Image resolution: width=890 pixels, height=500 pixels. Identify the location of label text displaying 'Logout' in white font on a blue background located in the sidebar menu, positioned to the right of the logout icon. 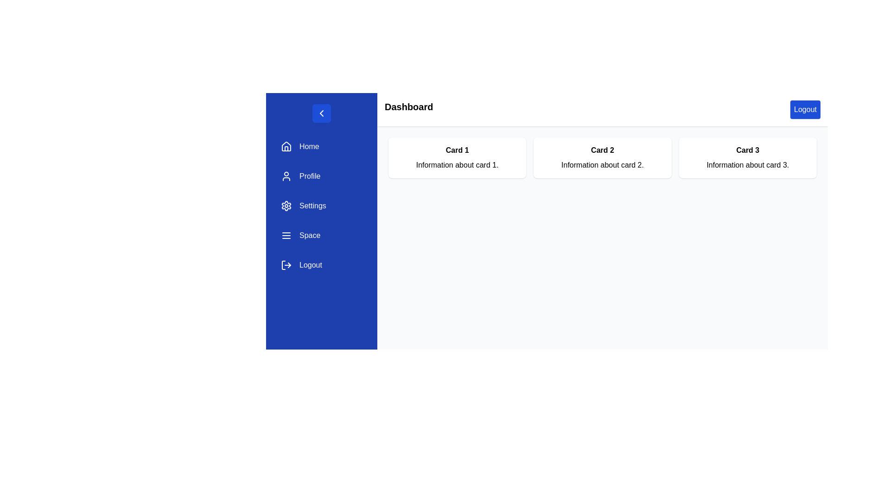
(311, 265).